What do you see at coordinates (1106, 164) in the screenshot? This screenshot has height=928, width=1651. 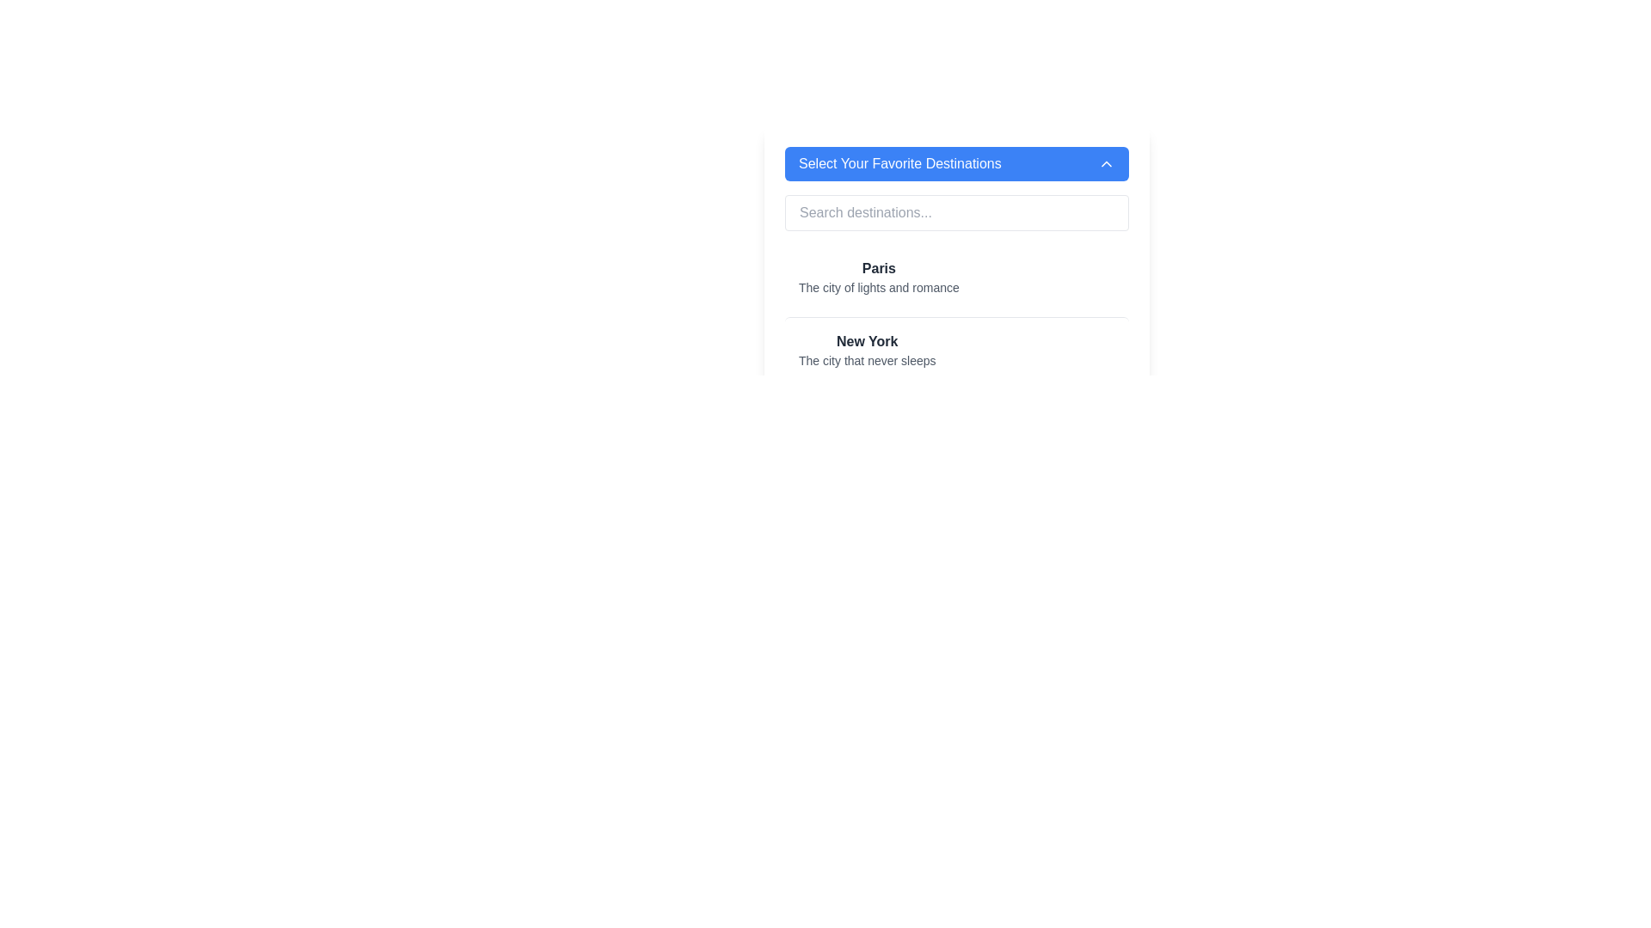 I see `the small upward-facing chevron icon located on the far right side of the blue header bar titled 'Select Your Favorite Destinations'` at bounding box center [1106, 164].